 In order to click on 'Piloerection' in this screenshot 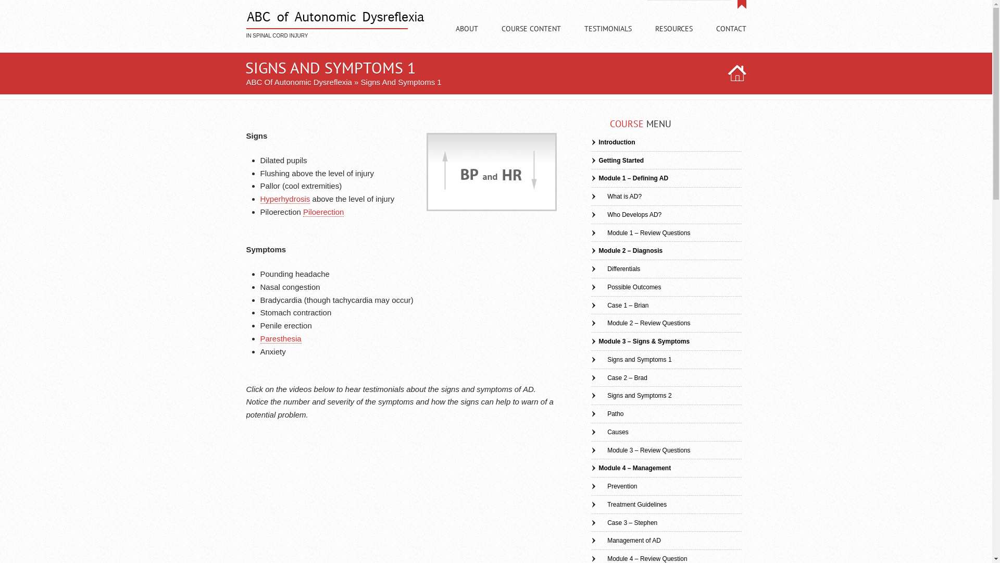, I will do `click(322, 212)`.